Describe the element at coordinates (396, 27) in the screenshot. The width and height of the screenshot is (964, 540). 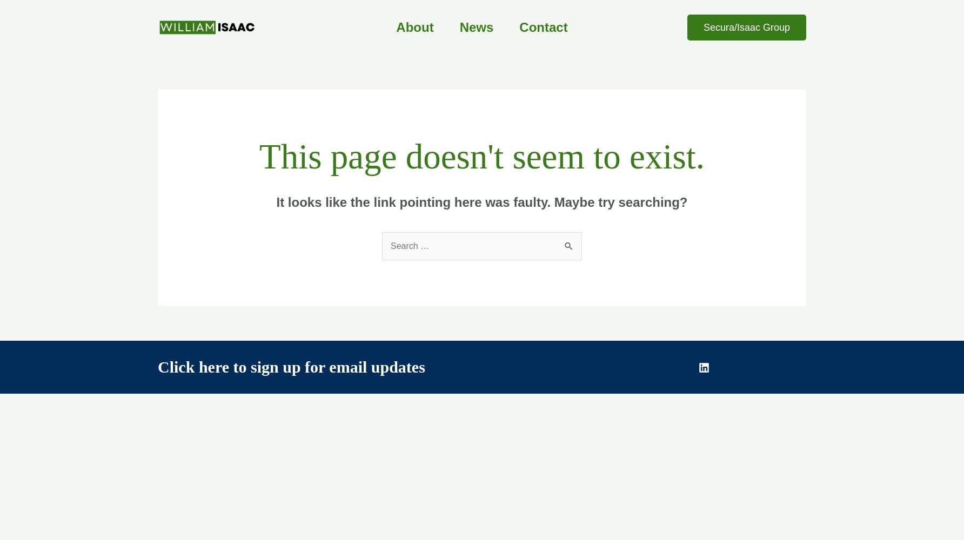
I see `'About'` at that location.